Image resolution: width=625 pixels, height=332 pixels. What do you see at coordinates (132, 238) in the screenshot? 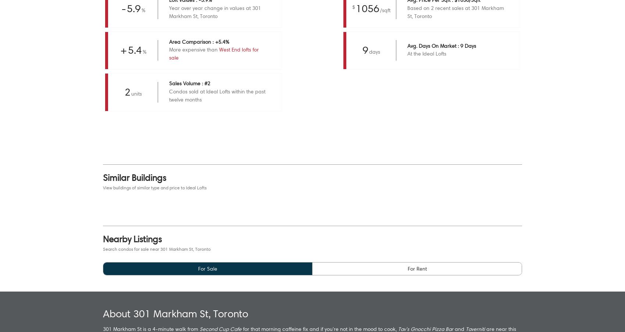
I see `'Nearby Listings'` at bounding box center [132, 238].